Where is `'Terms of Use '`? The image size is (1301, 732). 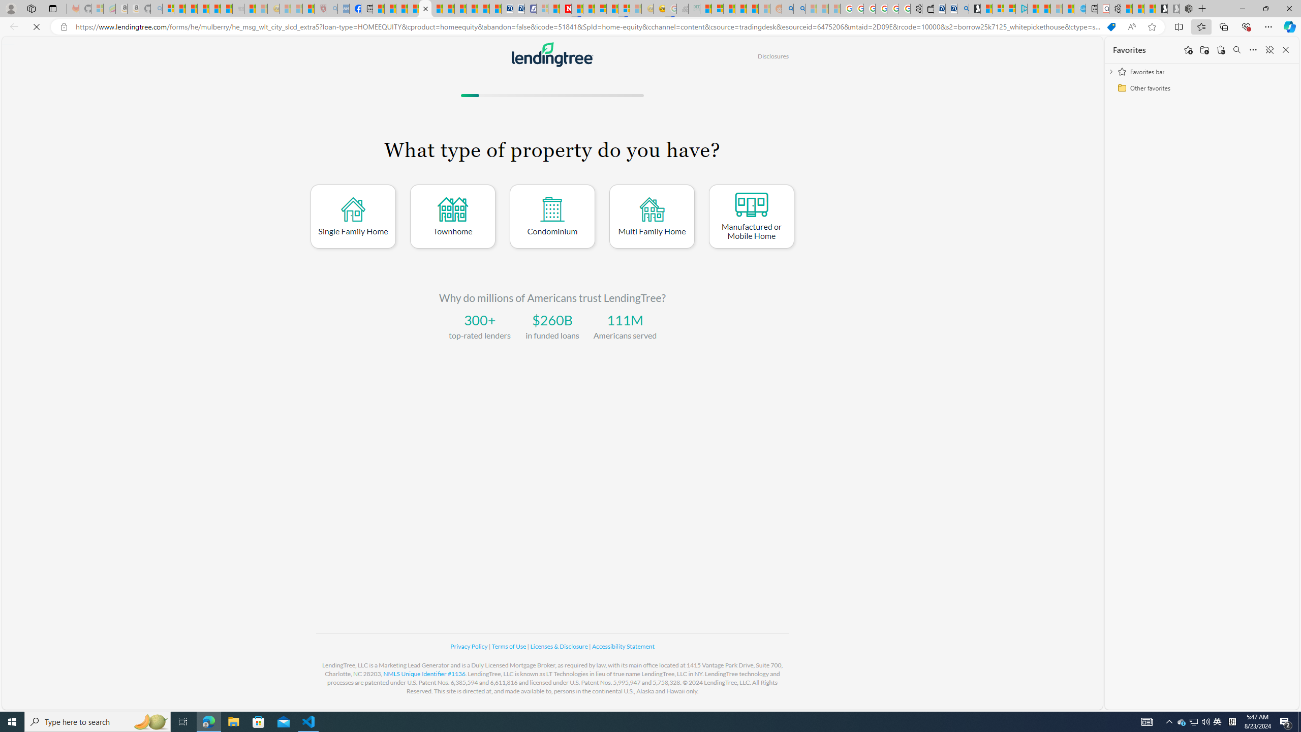 'Terms of Use ' is located at coordinates (509, 646).